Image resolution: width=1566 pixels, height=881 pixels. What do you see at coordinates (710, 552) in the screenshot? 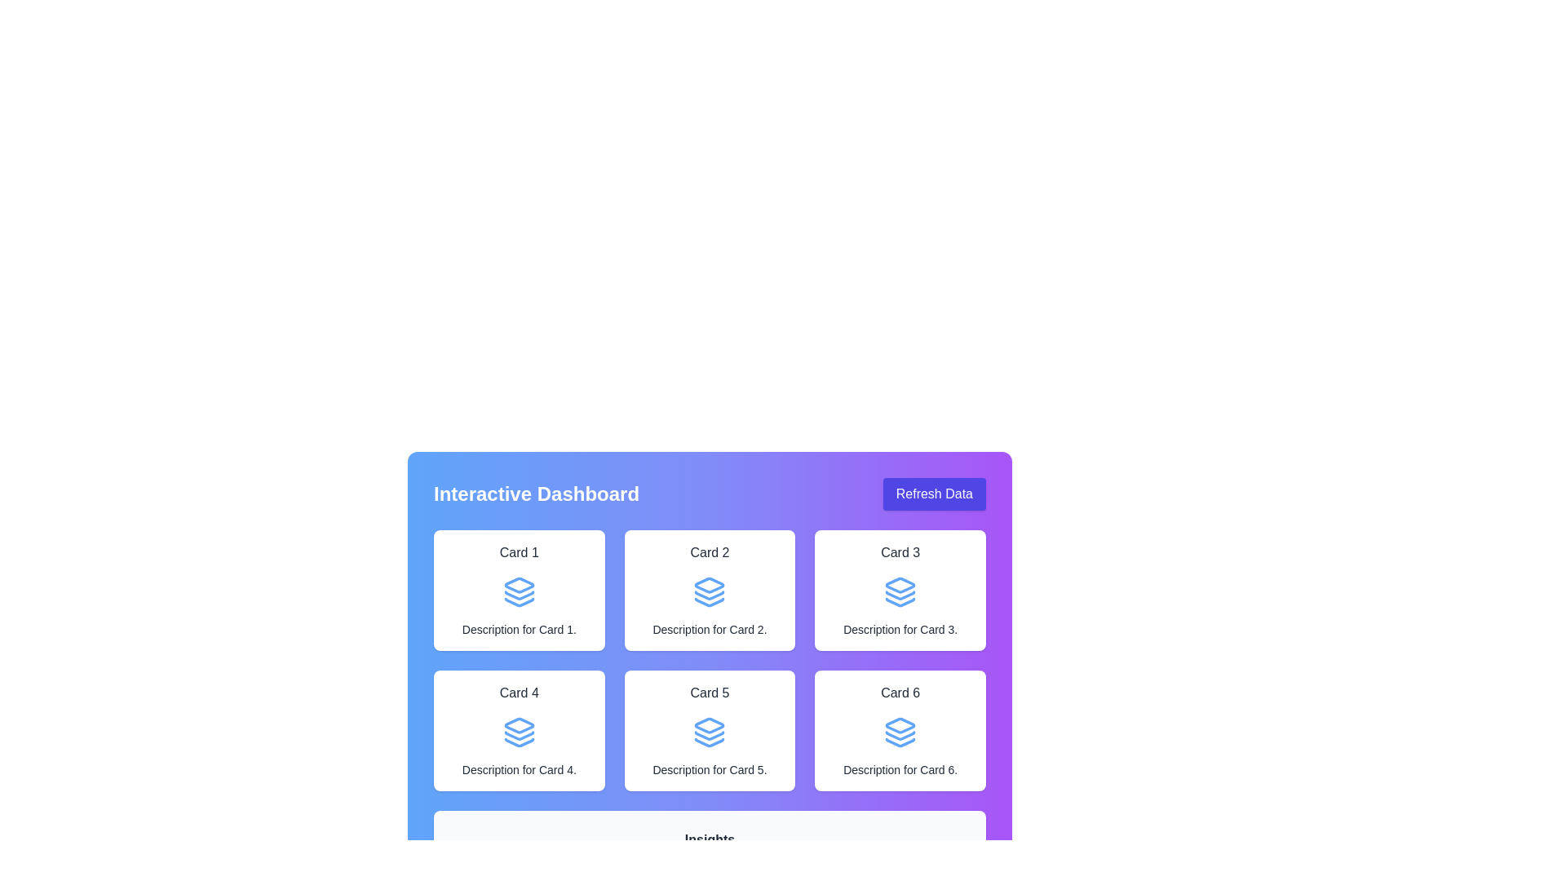
I see `the title text label for 'Card 2', which is positioned at the top of the card and helps users identify the card's purpose` at bounding box center [710, 552].